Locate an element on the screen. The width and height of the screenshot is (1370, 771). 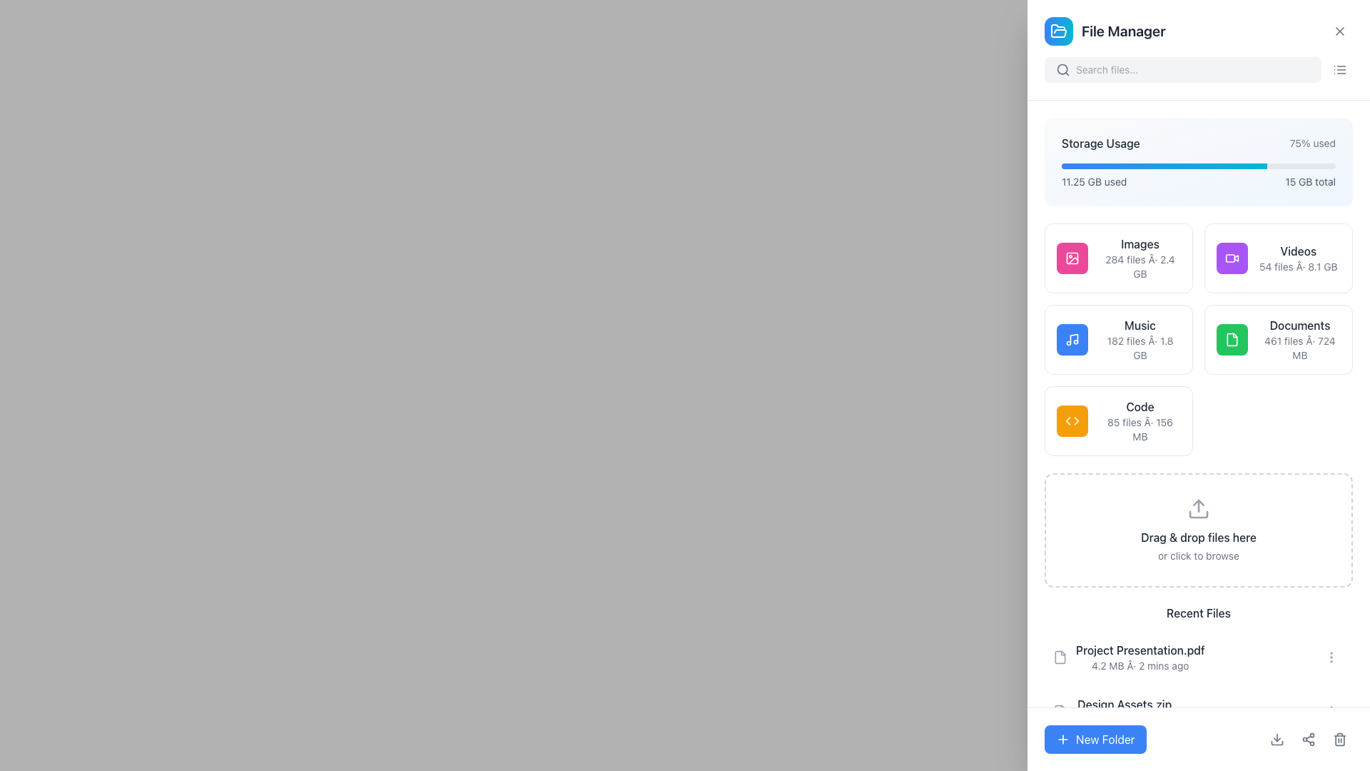
the Text label within the file upload interface that instructs users to drag and drop files, which is centrally positioned within a dashed bordered area is located at coordinates (1199, 537).